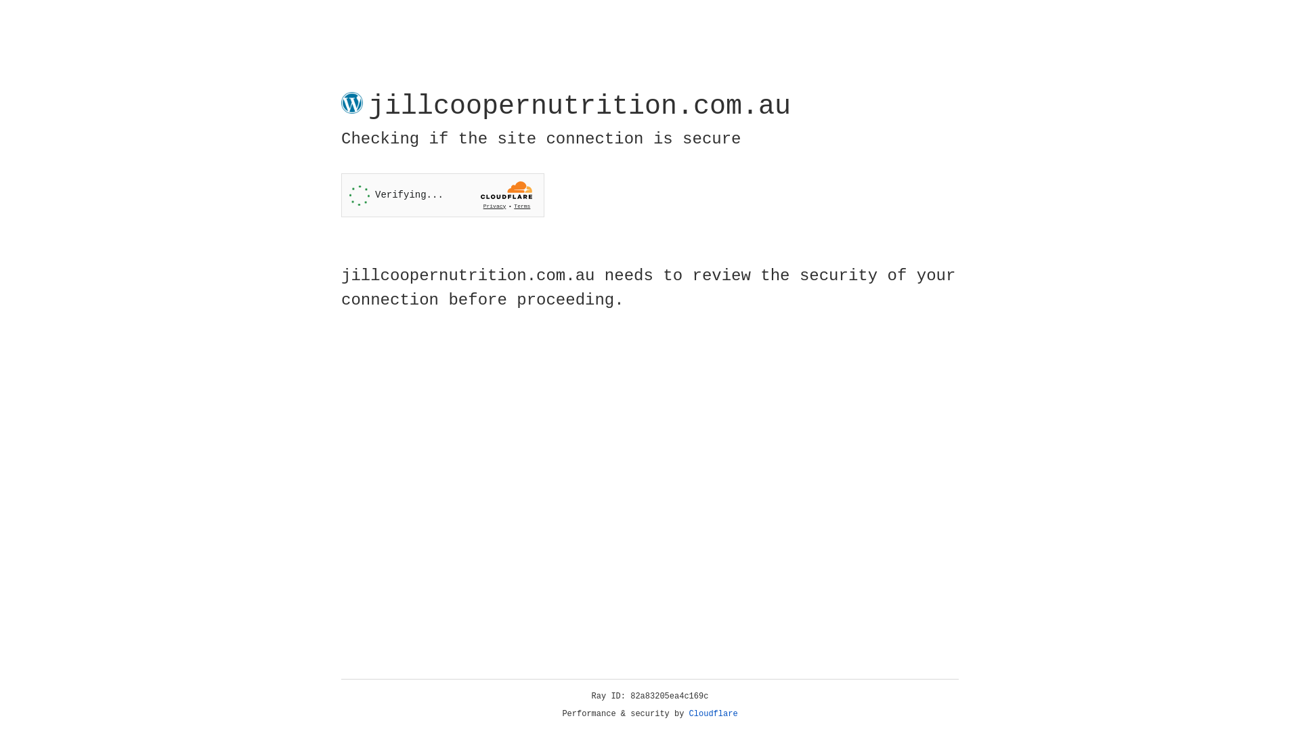  What do you see at coordinates (713, 713) in the screenshot?
I see `'Cloudflare'` at bounding box center [713, 713].